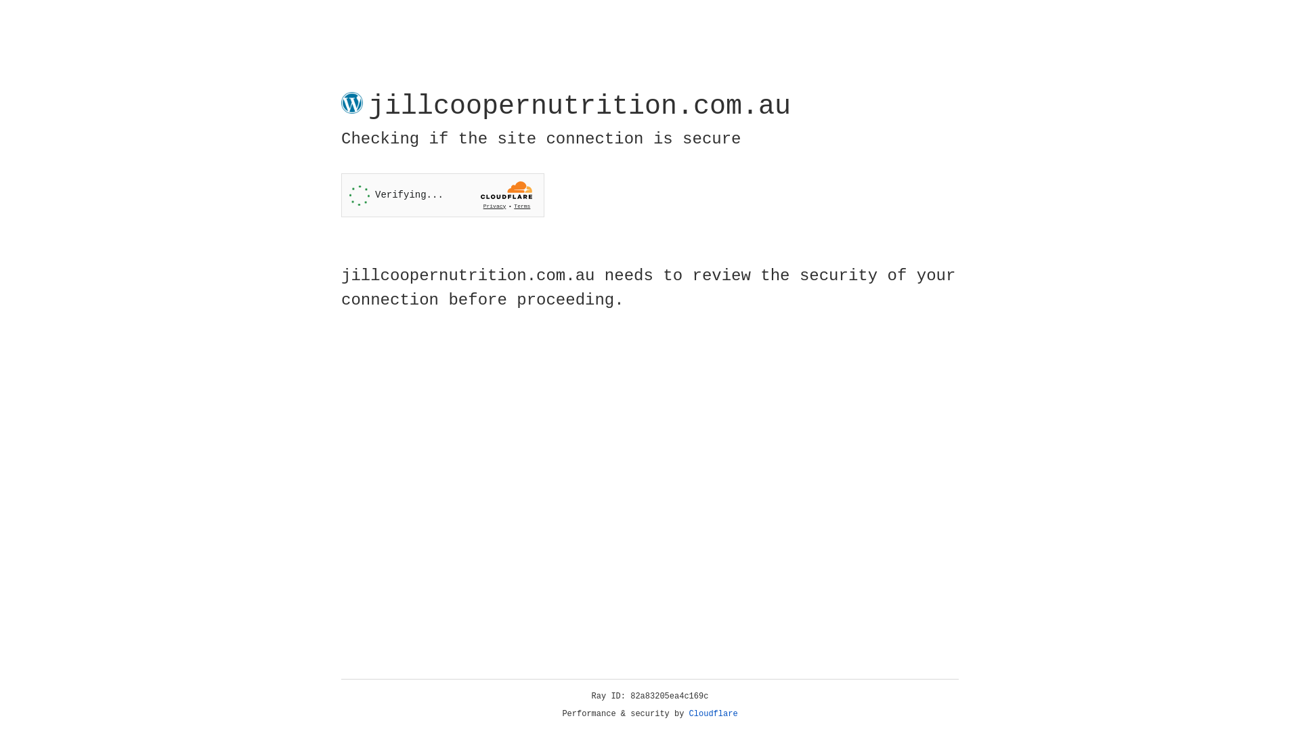  What do you see at coordinates (713, 713) in the screenshot?
I see `'Cloudflare'` at bounding box center [713, 713].